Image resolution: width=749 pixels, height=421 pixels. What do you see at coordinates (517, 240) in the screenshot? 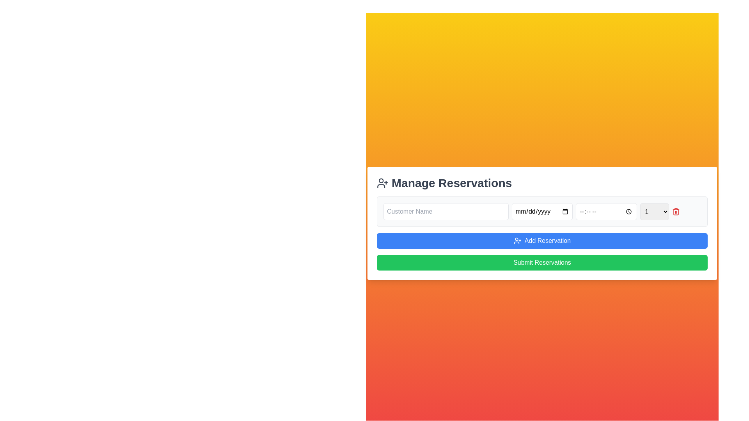
I see `the user interface icon representing a person with a plus sign, which is located to the left of the 'Add Reservation' text on the blue rectangular button` at bounding box center [517, 240].